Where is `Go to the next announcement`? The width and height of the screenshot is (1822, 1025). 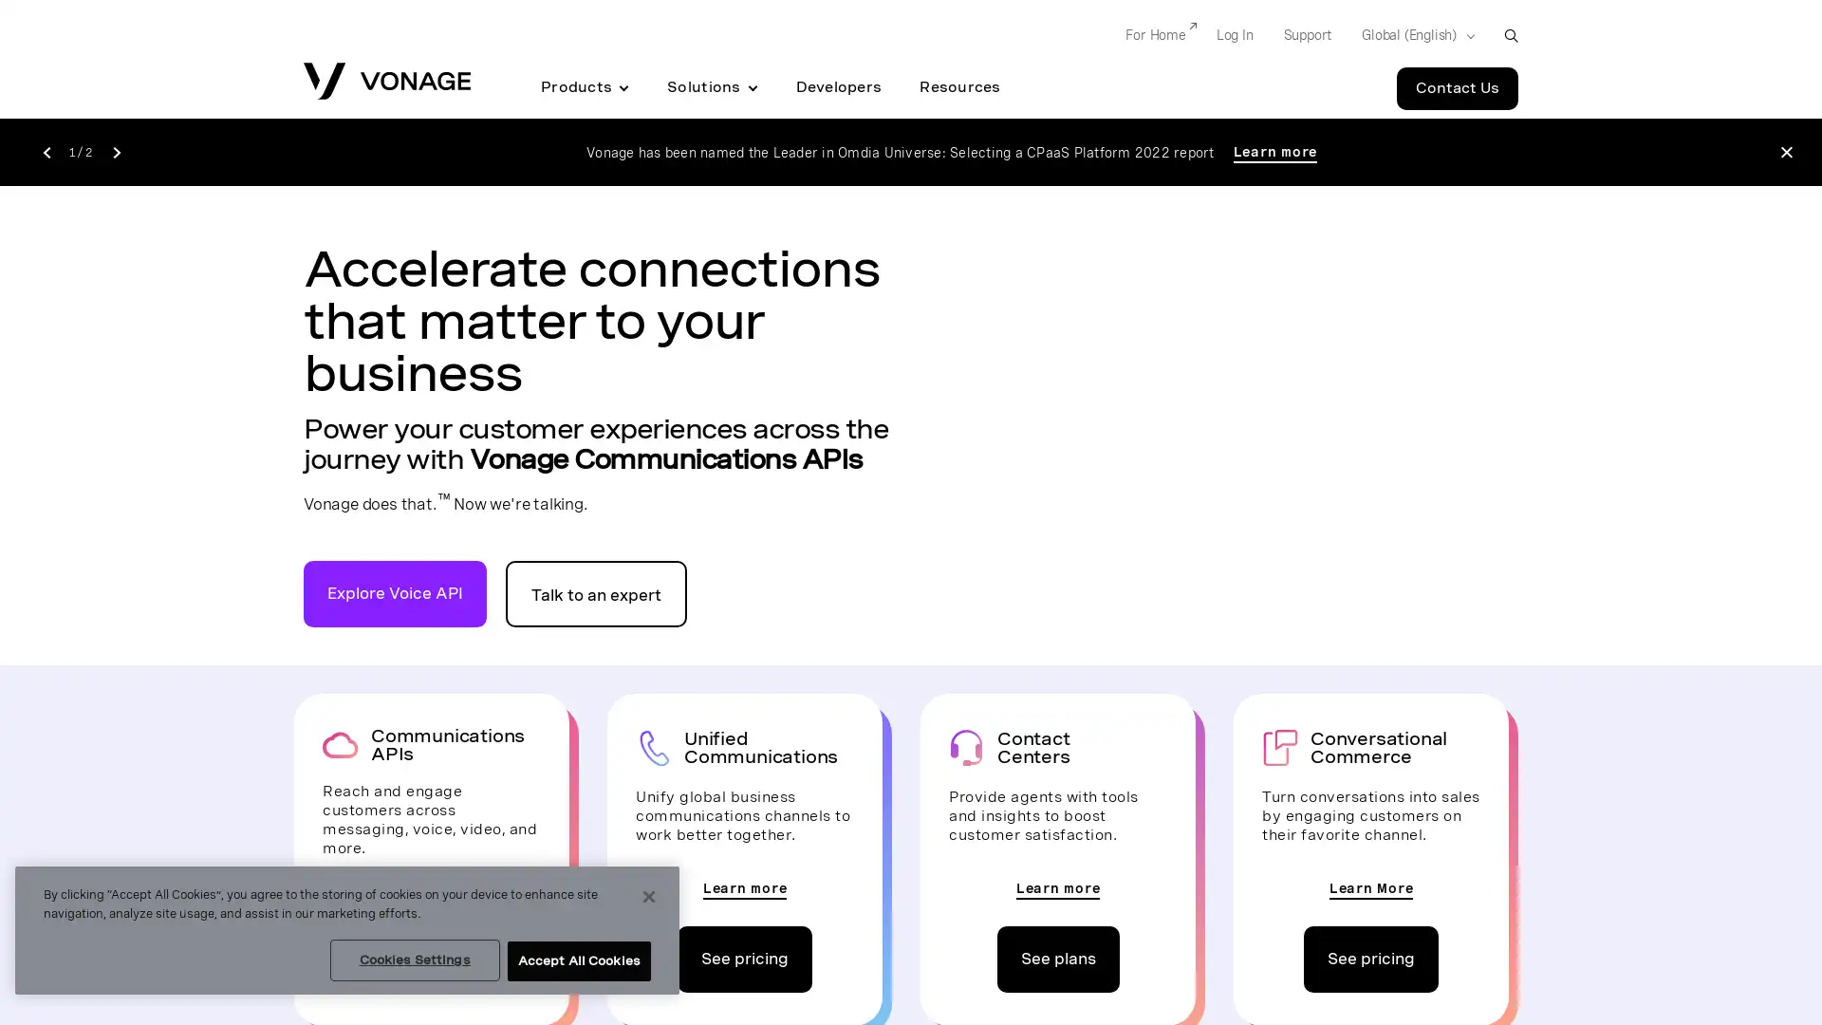 Go to the next announcement is located at coordinates (115, 150).